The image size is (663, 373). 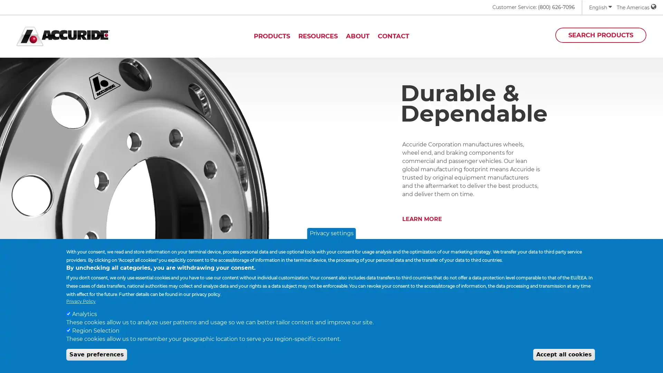 I want to click on Save preferences, so click(x=96, y=354).